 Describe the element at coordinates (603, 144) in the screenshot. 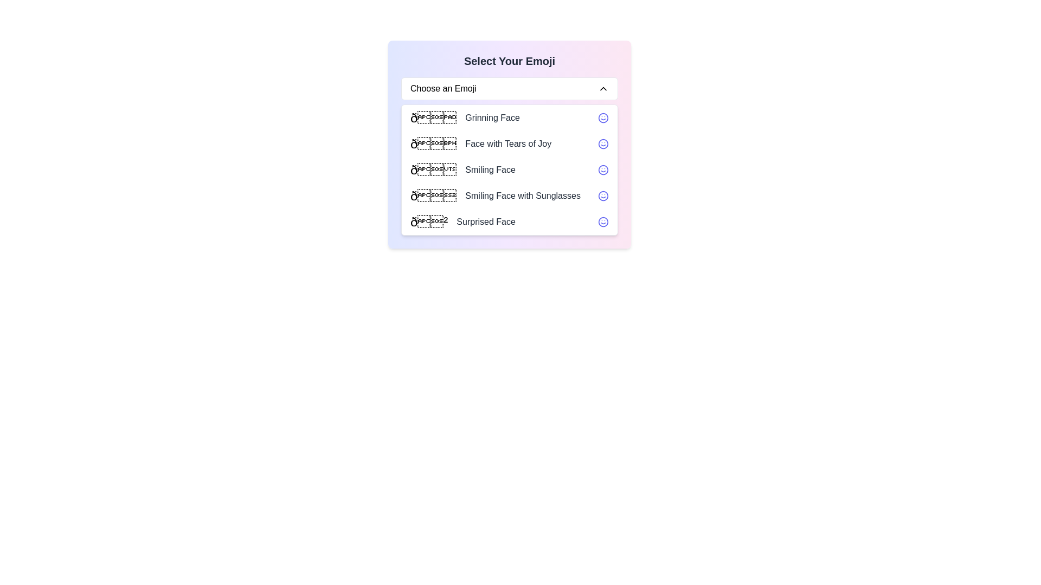

I see `the outer circular border of the emoji icon 'Face with Tears of Joy' in the emoji selection interface, located in the second position of the dropdown menu labeled 'Select Your Emoji'` at that location.